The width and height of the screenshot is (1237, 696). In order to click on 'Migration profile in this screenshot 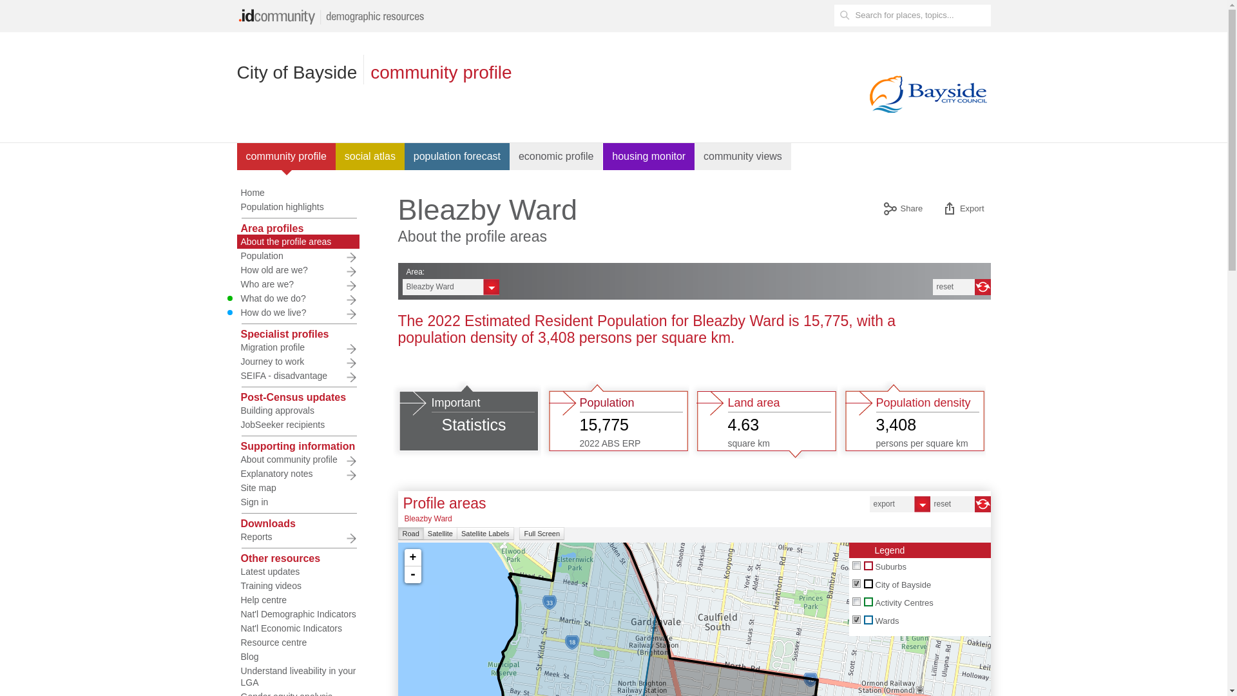, I will do `click(297, 347)`.